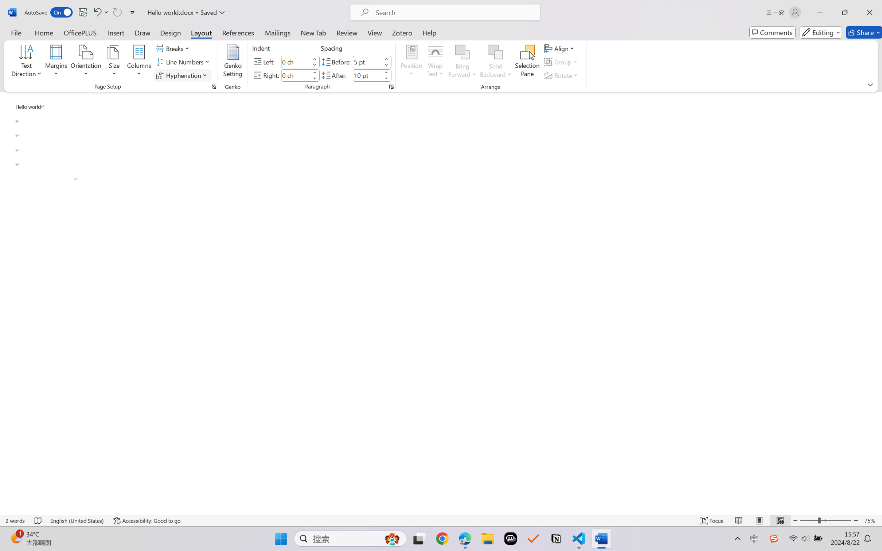  What do you see at coordinates (496, 62) in the screenshot?
I see `'Send Backward'` at bounding box center [496, 62].